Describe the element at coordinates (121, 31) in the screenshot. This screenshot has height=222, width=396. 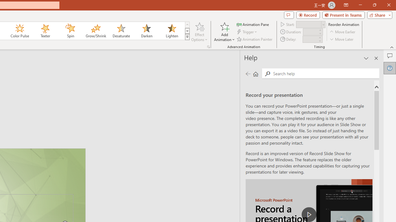
I see `'Desaturate'` at that location.